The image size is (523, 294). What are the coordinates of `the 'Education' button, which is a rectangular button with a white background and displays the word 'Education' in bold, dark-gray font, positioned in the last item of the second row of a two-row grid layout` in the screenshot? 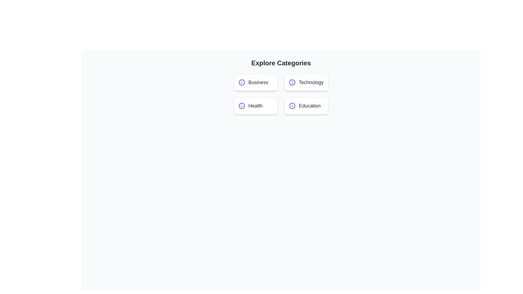 It's located at (306, 106).